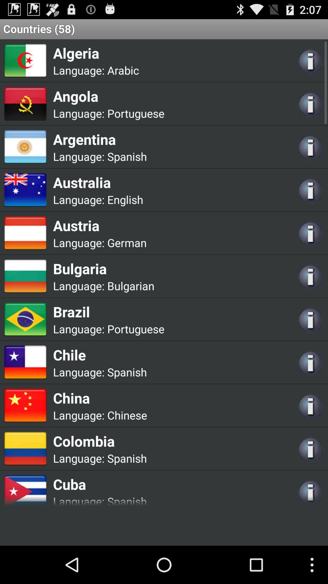 The image size is (328, 584). What do you see at coordinates (127, 242) in the screenshot?
I see `the app next to the language:` at bounding box center [127, 242].